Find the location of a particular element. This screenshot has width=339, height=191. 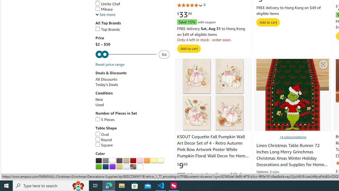

'Umite Chef' is located at coordinates (108, 4).